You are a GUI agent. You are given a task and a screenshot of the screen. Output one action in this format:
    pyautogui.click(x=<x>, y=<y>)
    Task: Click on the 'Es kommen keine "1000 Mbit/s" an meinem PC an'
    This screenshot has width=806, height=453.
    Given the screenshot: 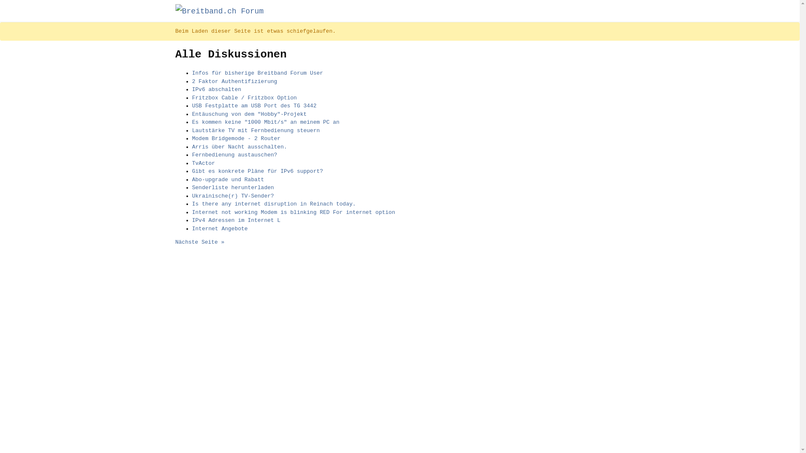 What is the action you would take?
    pyautogui.click(x=265, y=122)
    